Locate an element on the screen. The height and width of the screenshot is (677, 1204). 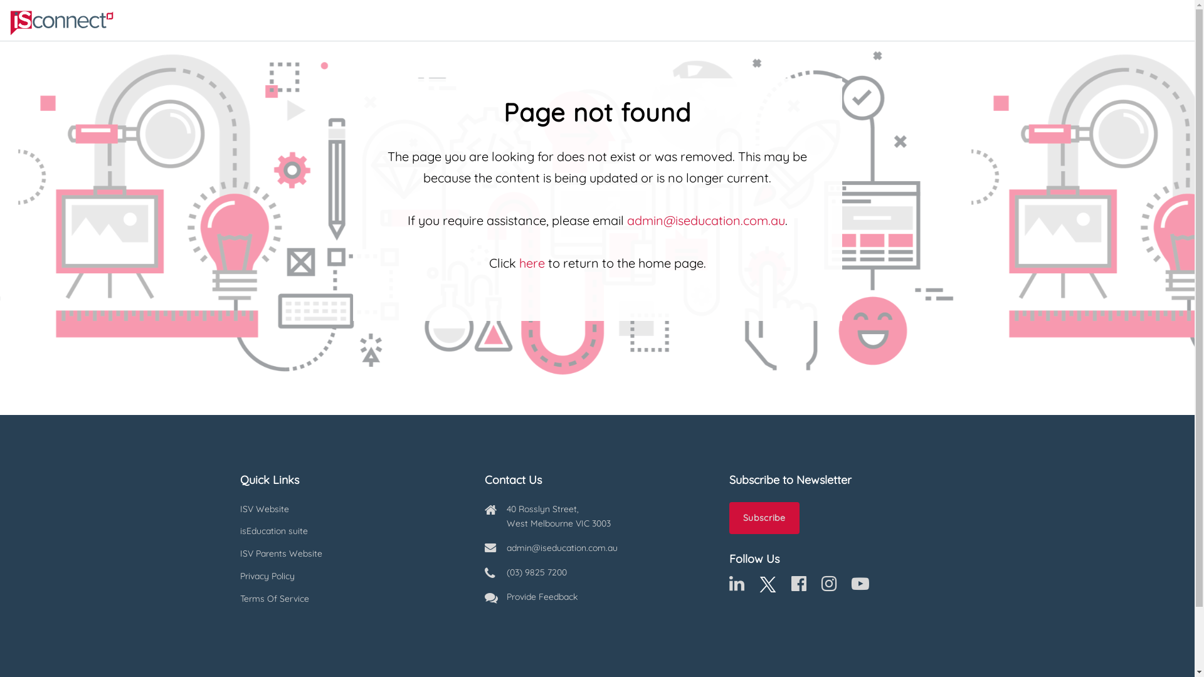
'Privacy Policy' is located at coordinates (351, 577).